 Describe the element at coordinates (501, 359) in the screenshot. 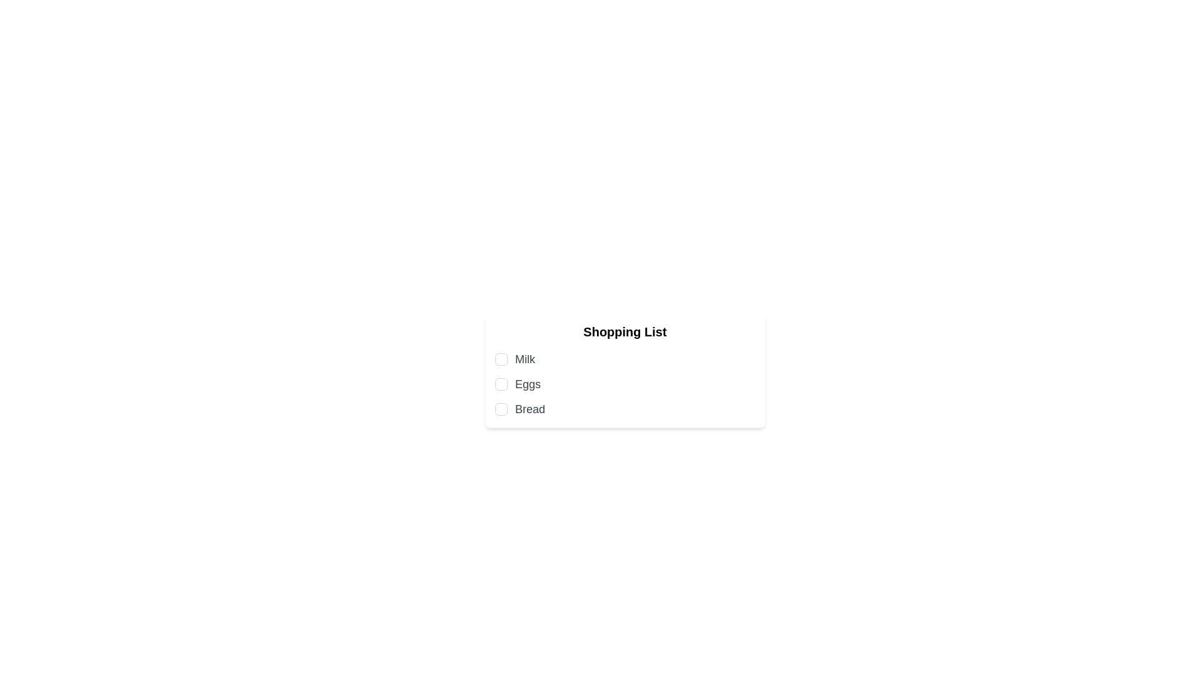

I see `the checkbox located at the top-left corner of the list item labeled 'Milk'` at that location.